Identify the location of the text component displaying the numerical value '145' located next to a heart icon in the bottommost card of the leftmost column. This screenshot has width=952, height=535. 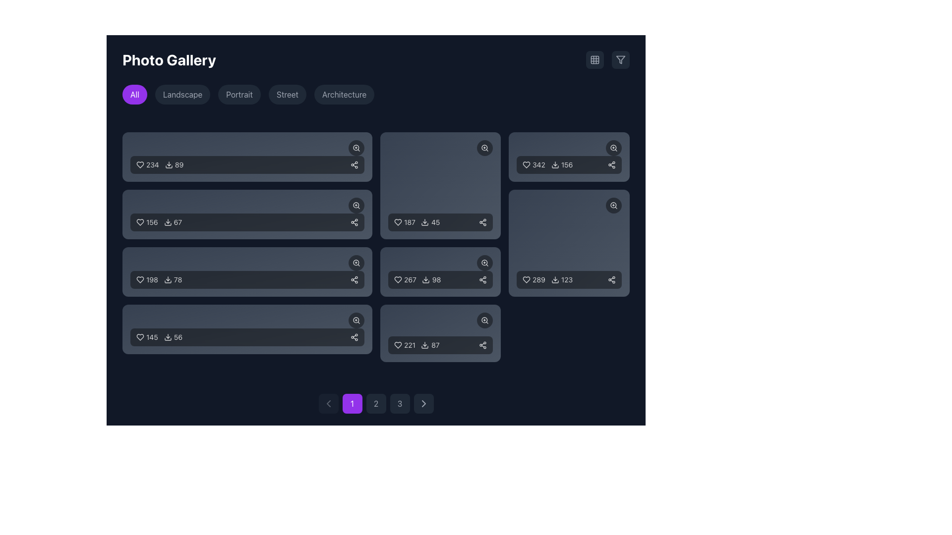
(151, 337).